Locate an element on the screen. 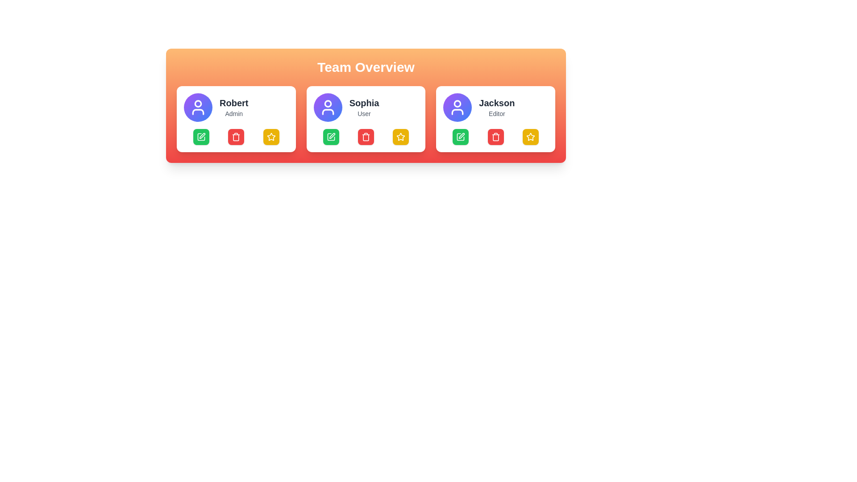 The image size is (857, 482). the small green button with a white pen icon in the user profile card labeled 'Robert Admin' for editing functionality is located at coordinates (201, 137).